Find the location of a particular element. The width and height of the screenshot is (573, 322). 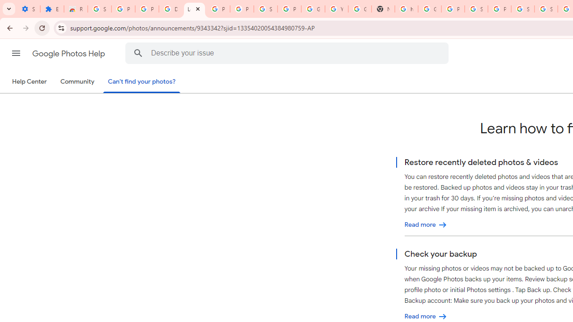

'Can' is located at coordinates (141, 82).